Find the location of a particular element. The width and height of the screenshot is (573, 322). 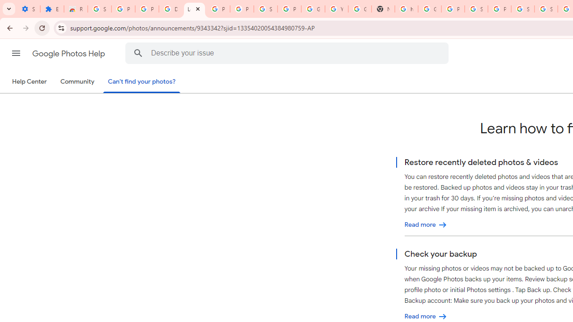

'Can' is located at coordinates (141, 82).